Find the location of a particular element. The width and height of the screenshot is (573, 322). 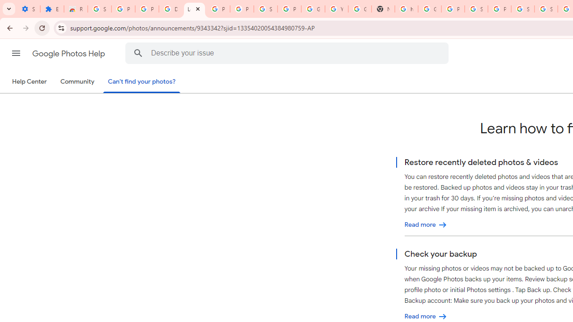

'Can' is located at coordinates (141, 82).